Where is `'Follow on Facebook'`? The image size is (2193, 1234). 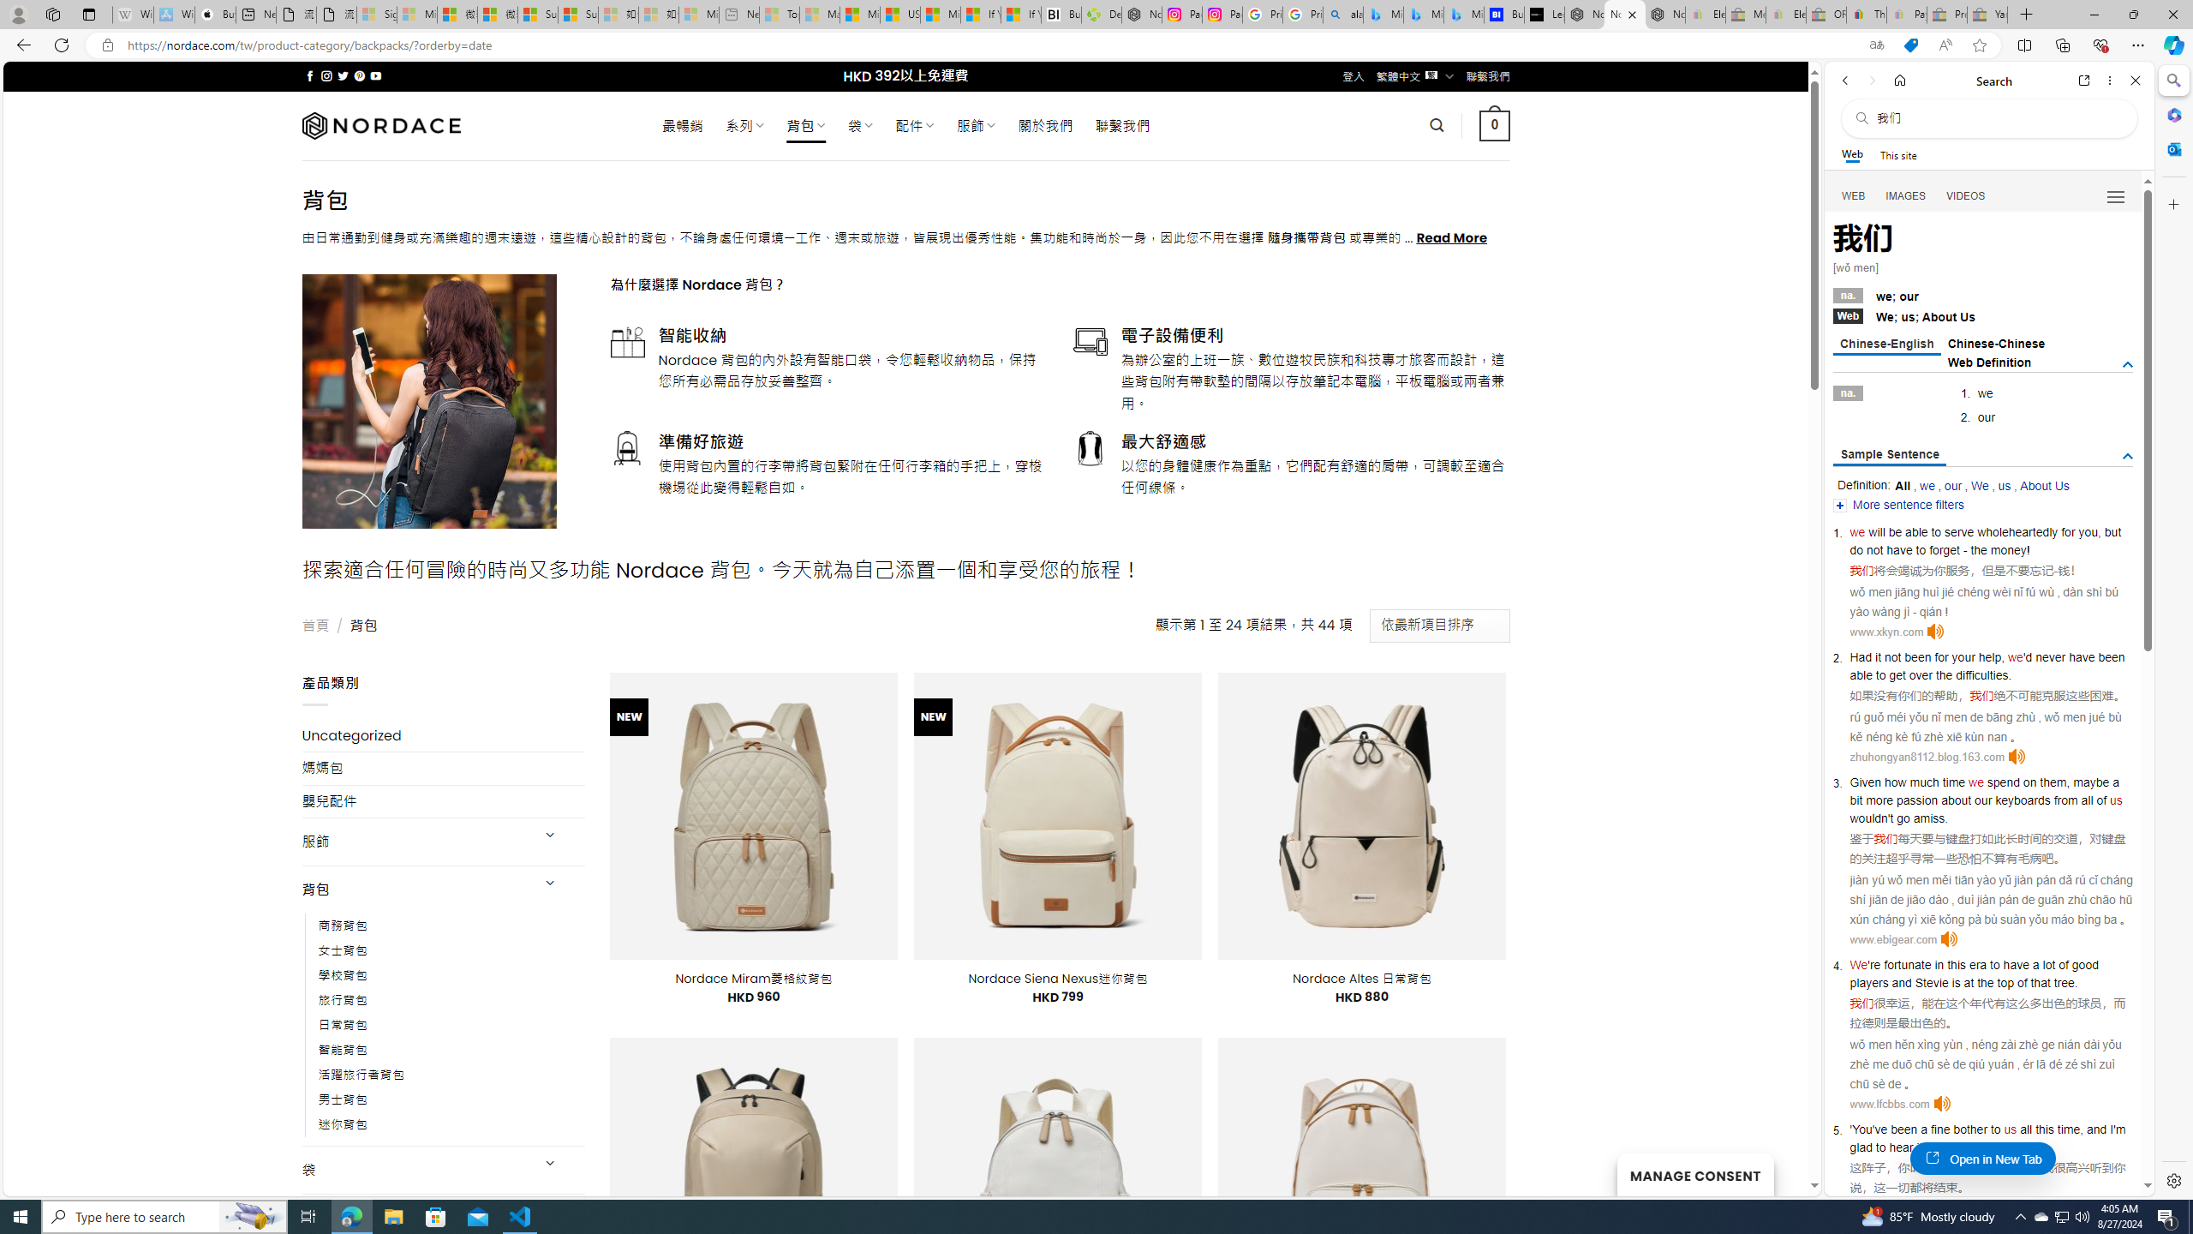
'Follow on Facebook' is located at coordinates (310, 75).